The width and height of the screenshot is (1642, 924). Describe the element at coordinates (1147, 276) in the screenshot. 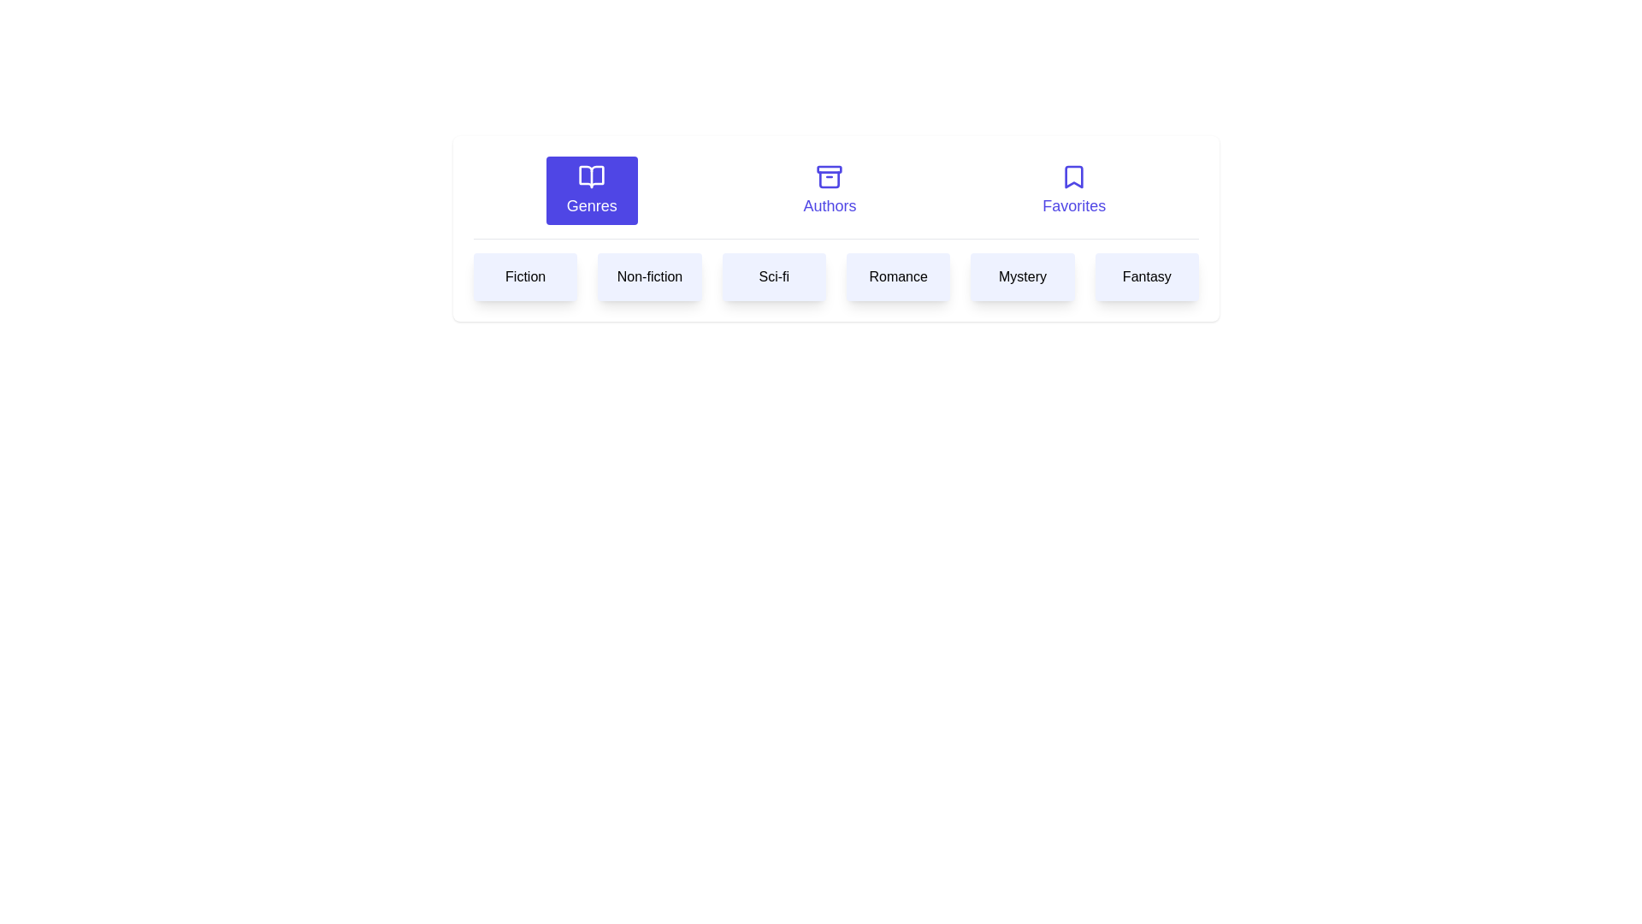

I see `the genre tile labeled Fantasy` at that location.